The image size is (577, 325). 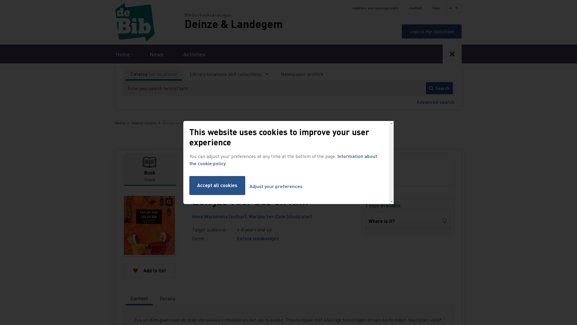 What do you see at coordinates (217, 185) in the screenshot?
I see `'Accept all cookies'` at bounding box center [217, 185].